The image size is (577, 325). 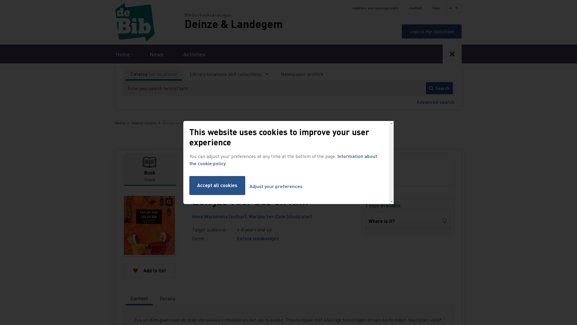 What do you see at coordinates (217, 185) in the screenshot?
I see `'Accept all cookies'` at bounding box center [217, 185].